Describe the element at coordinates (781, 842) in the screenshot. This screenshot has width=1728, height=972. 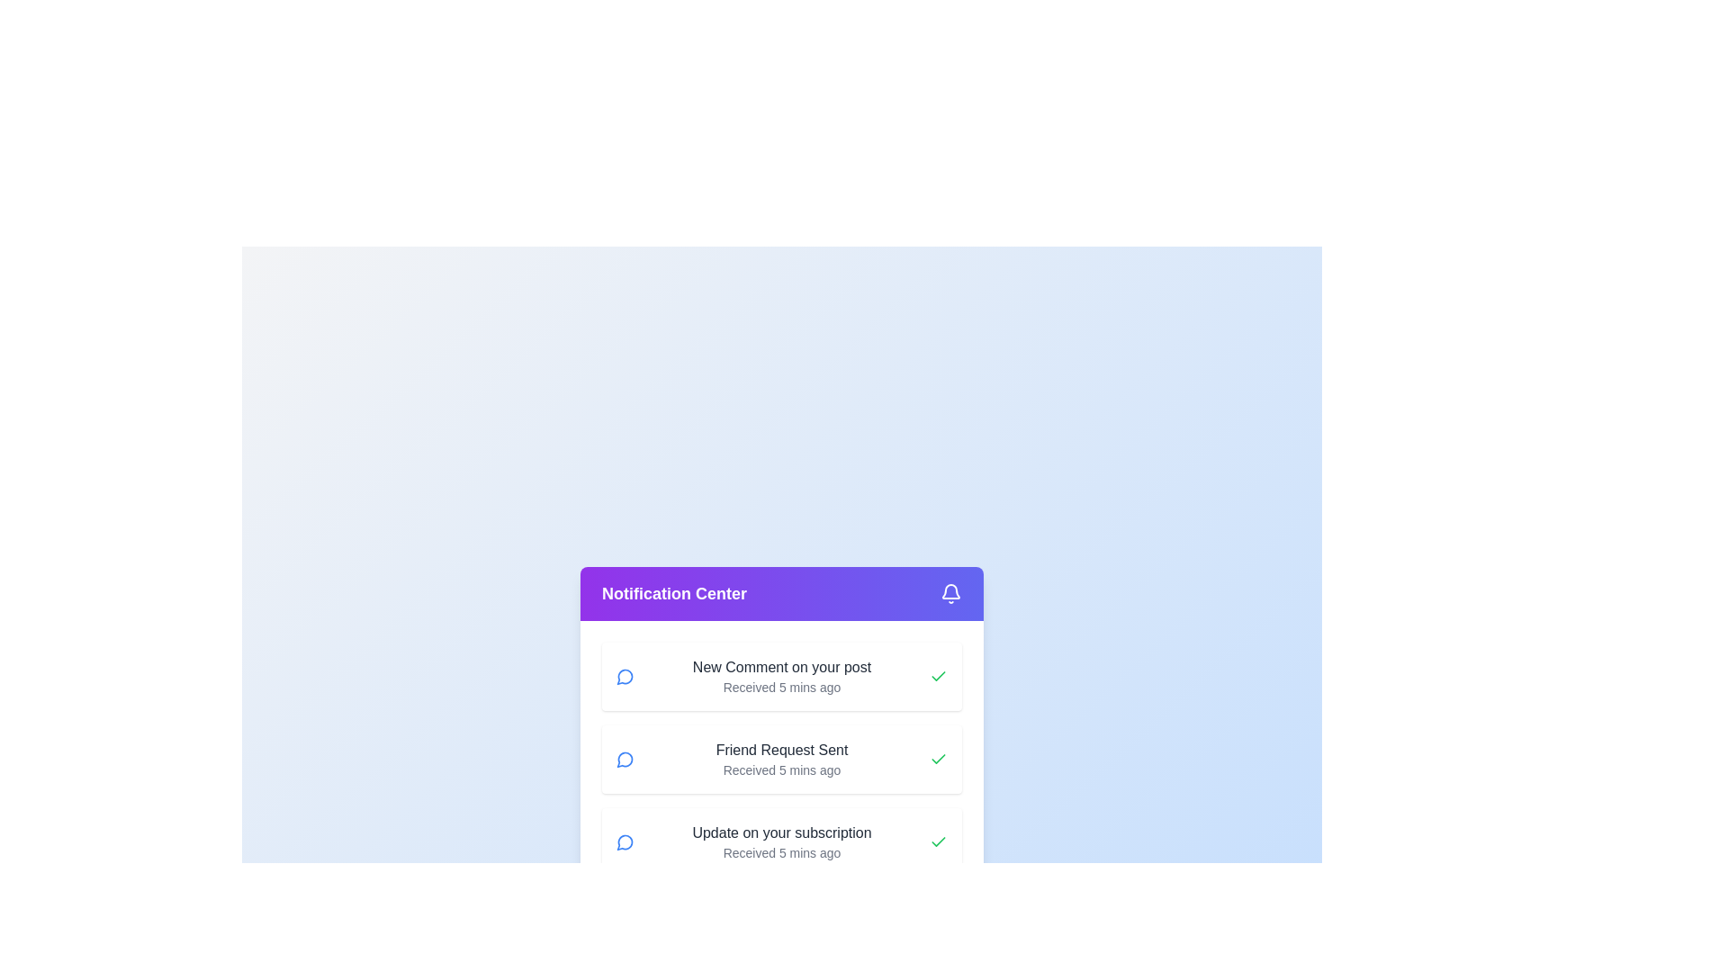
I see `the notification text block displaying 'Update on your subscription', which is styled in a larger, bold font and located between 'Friend Request Sent' and the succeeding notifications` at that location.